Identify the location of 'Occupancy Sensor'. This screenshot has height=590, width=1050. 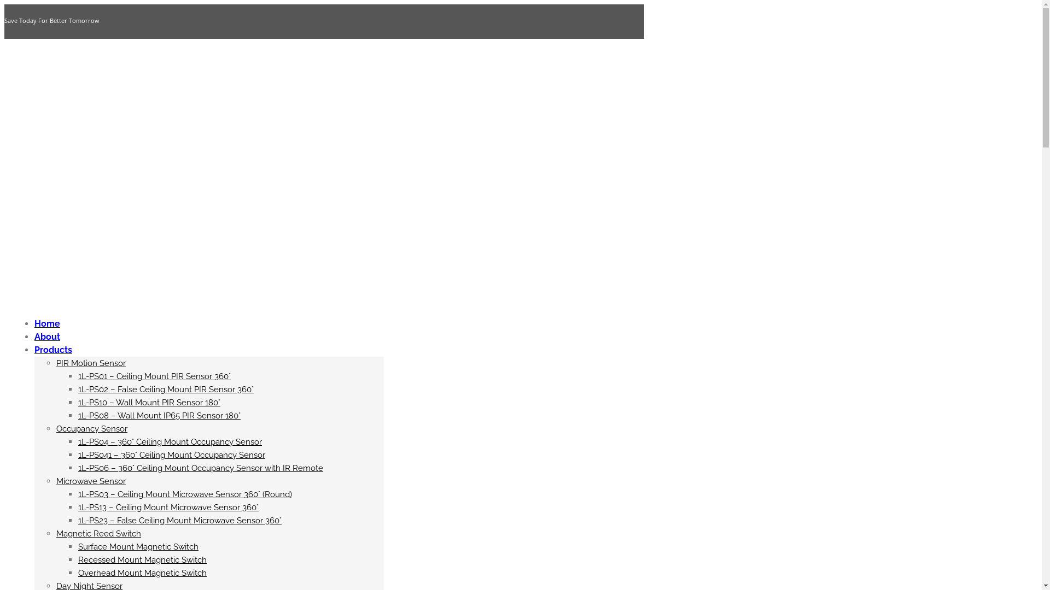
(92, 428).